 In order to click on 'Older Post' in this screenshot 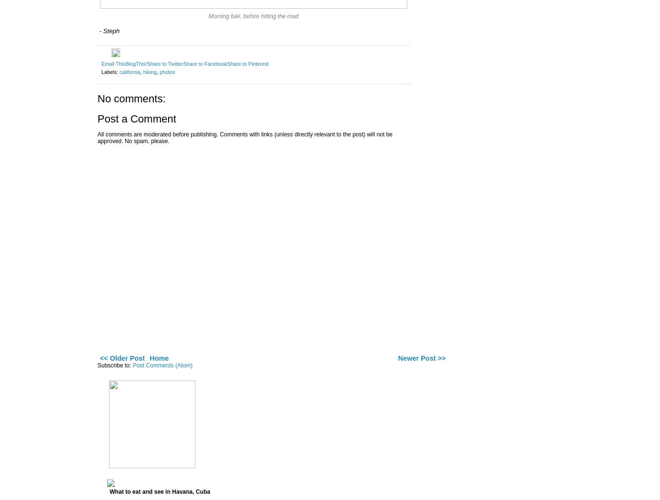, I will do `click(126, 358)`.